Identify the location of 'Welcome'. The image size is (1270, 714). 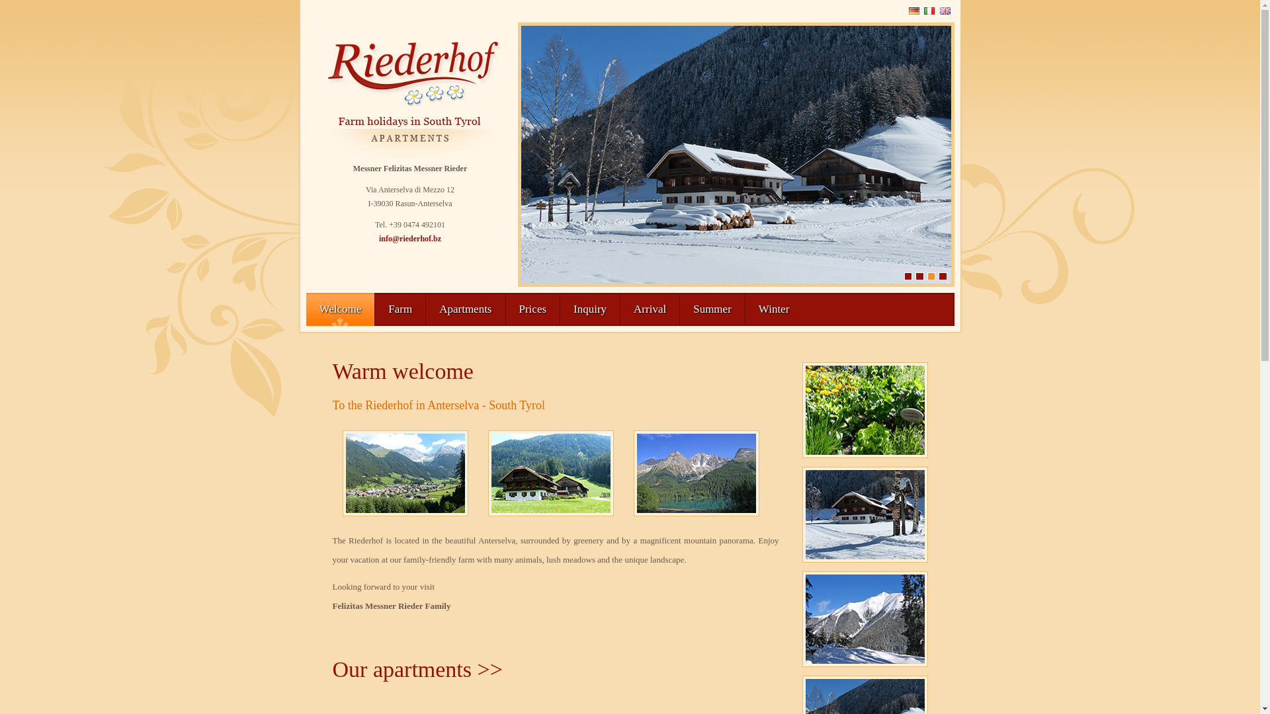
(339, 309).